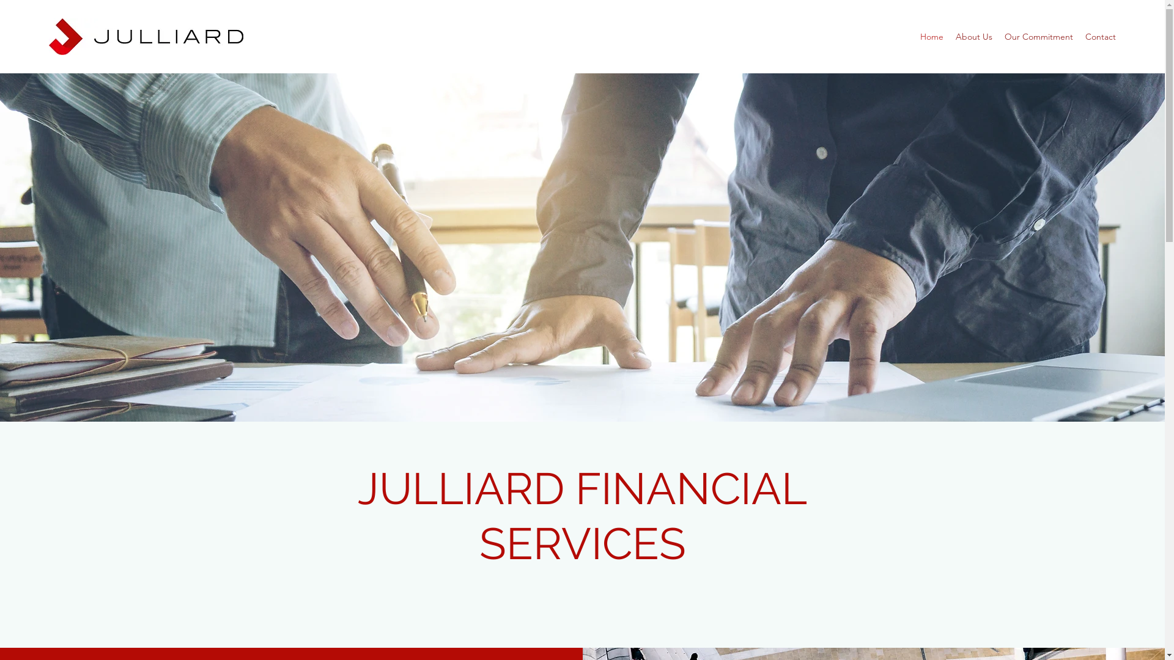 The height and width of the screenshot is (660, 1174). I want to click on 'Contact', so click(1101, 36).